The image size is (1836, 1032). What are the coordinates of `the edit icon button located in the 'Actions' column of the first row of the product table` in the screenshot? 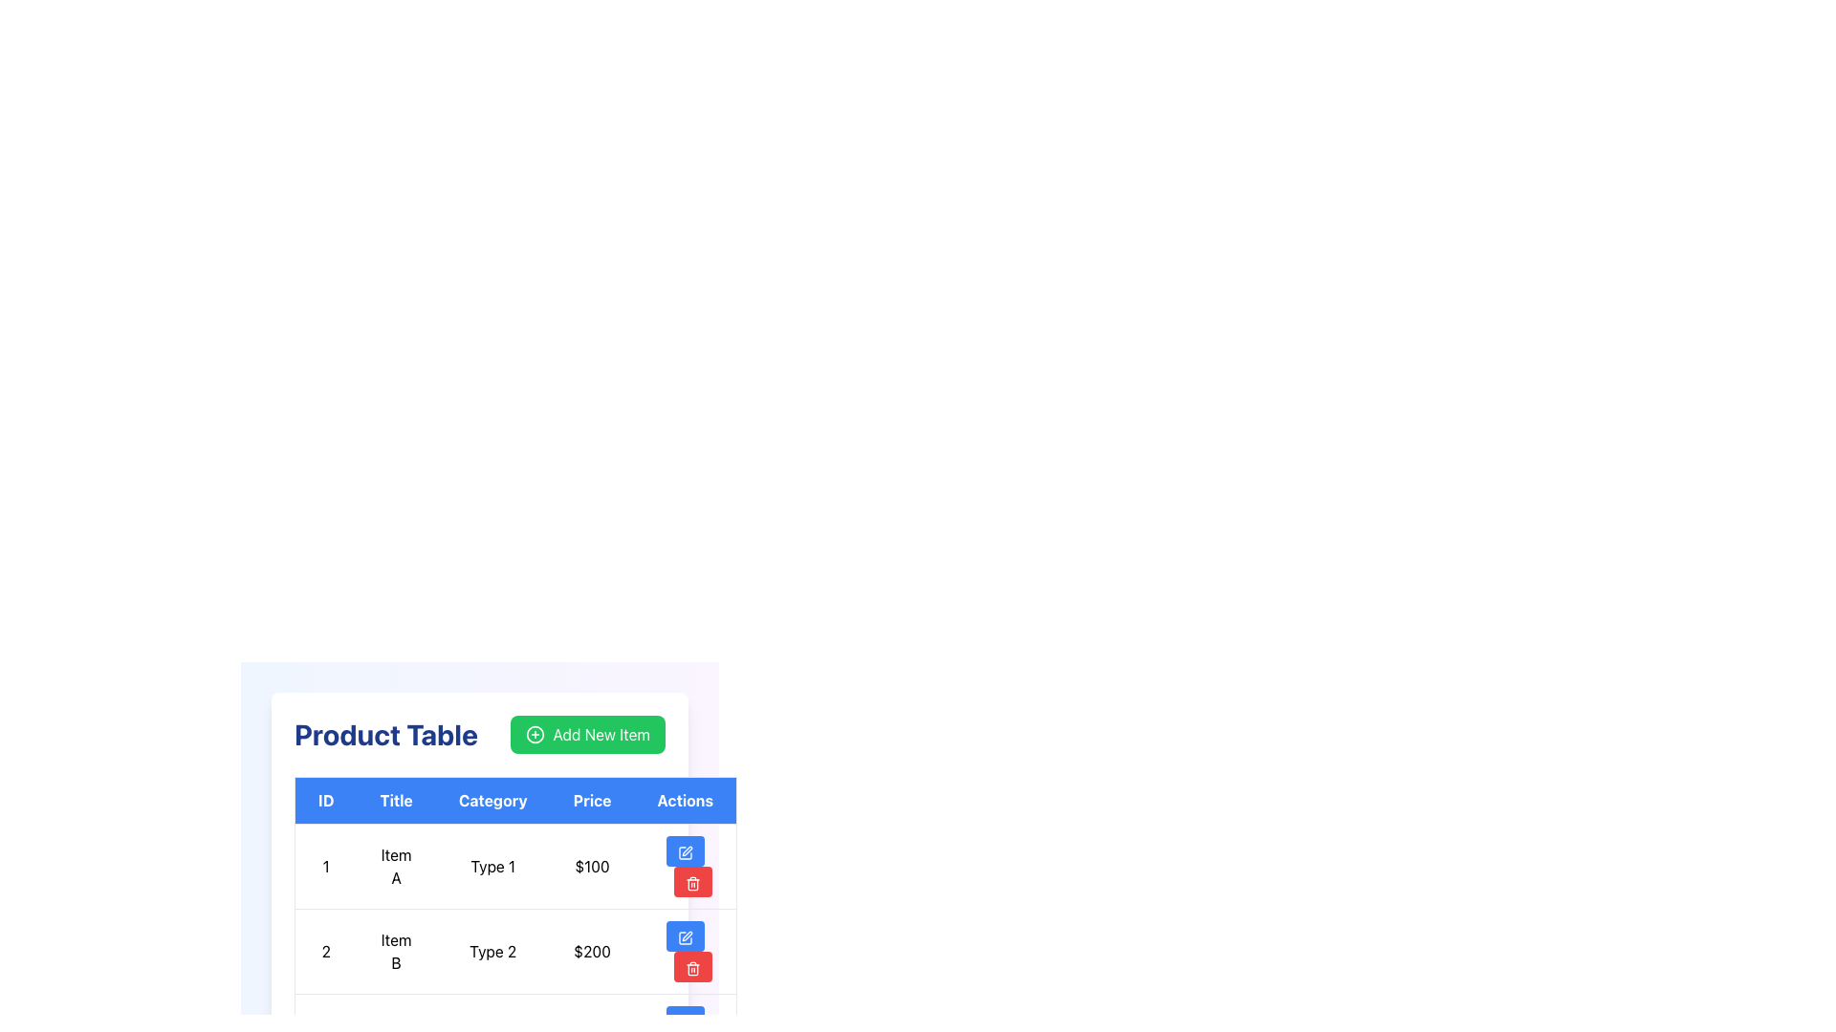 It's located at (685, 851).